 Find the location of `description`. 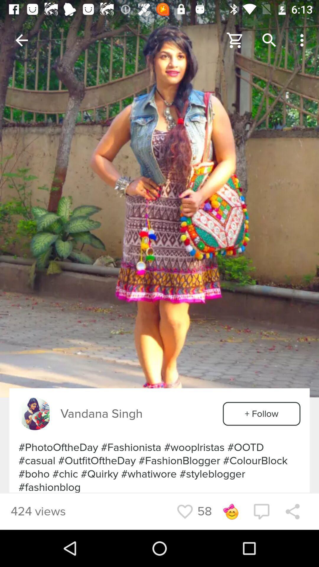

description is located at coordinates (159, 198).